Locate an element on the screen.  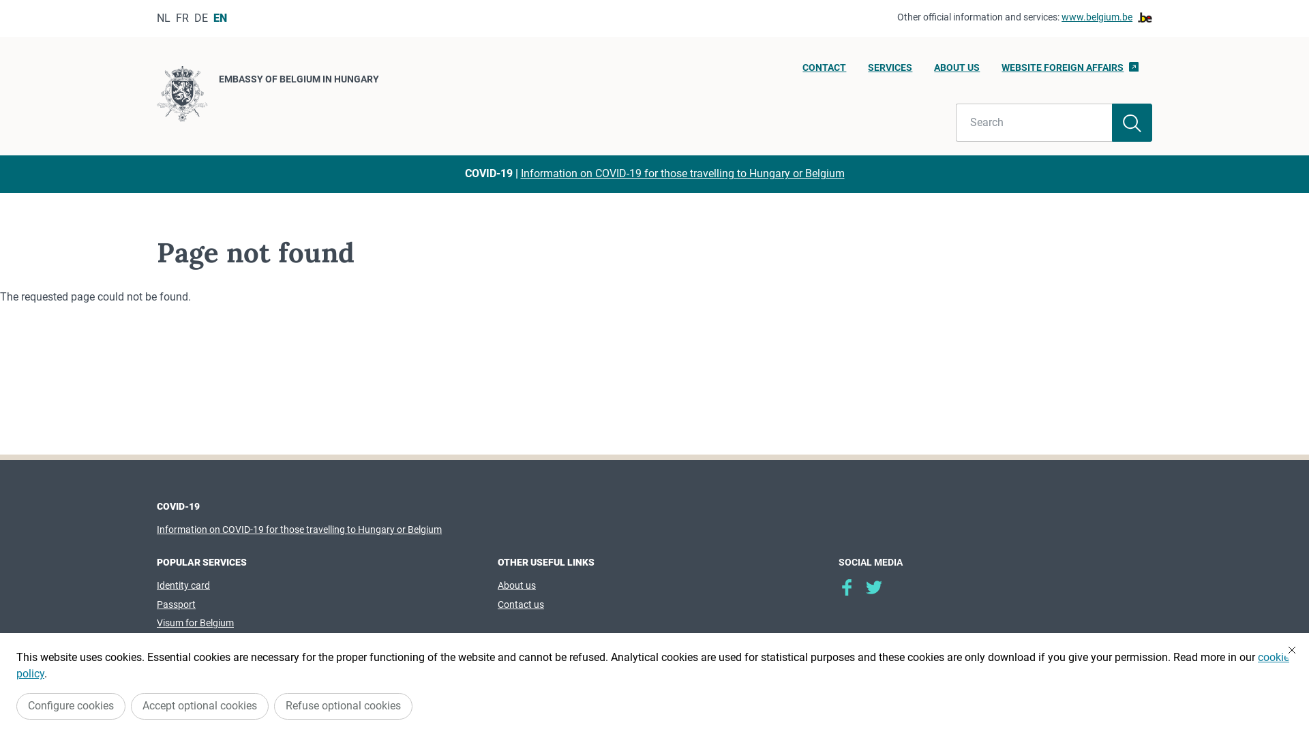
'WEBSITE FOREIGN AFFAIRS' is located at coordinates (991, 71).